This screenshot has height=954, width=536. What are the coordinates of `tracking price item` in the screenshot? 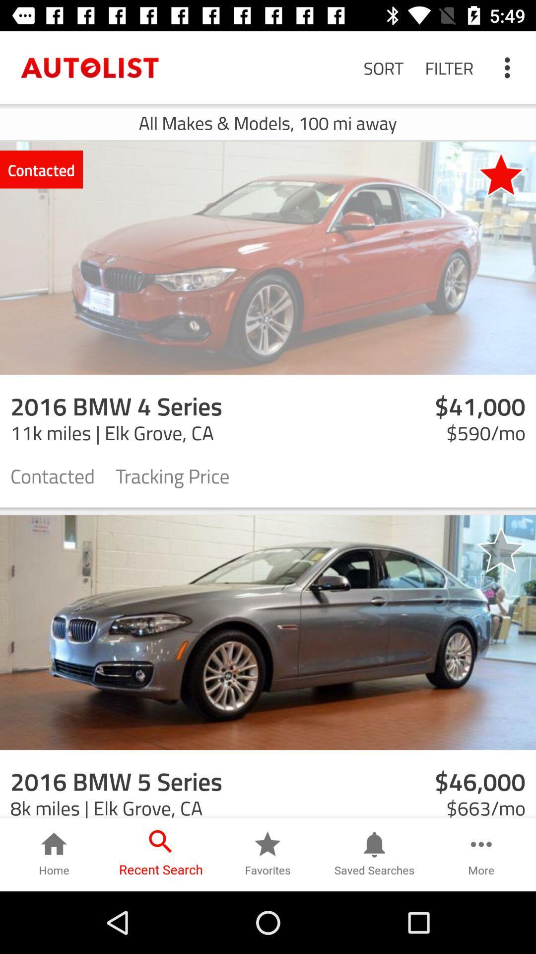 It's located at (172, 475).